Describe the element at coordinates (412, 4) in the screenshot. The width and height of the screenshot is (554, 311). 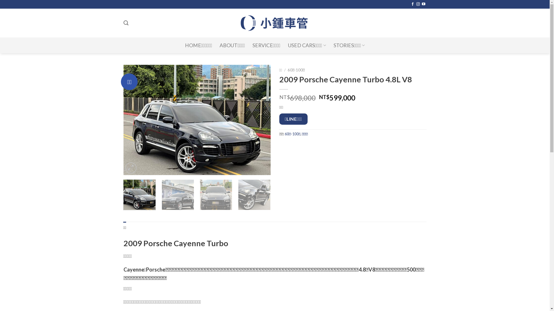
I see `'Follow on Facebook'` at that location.